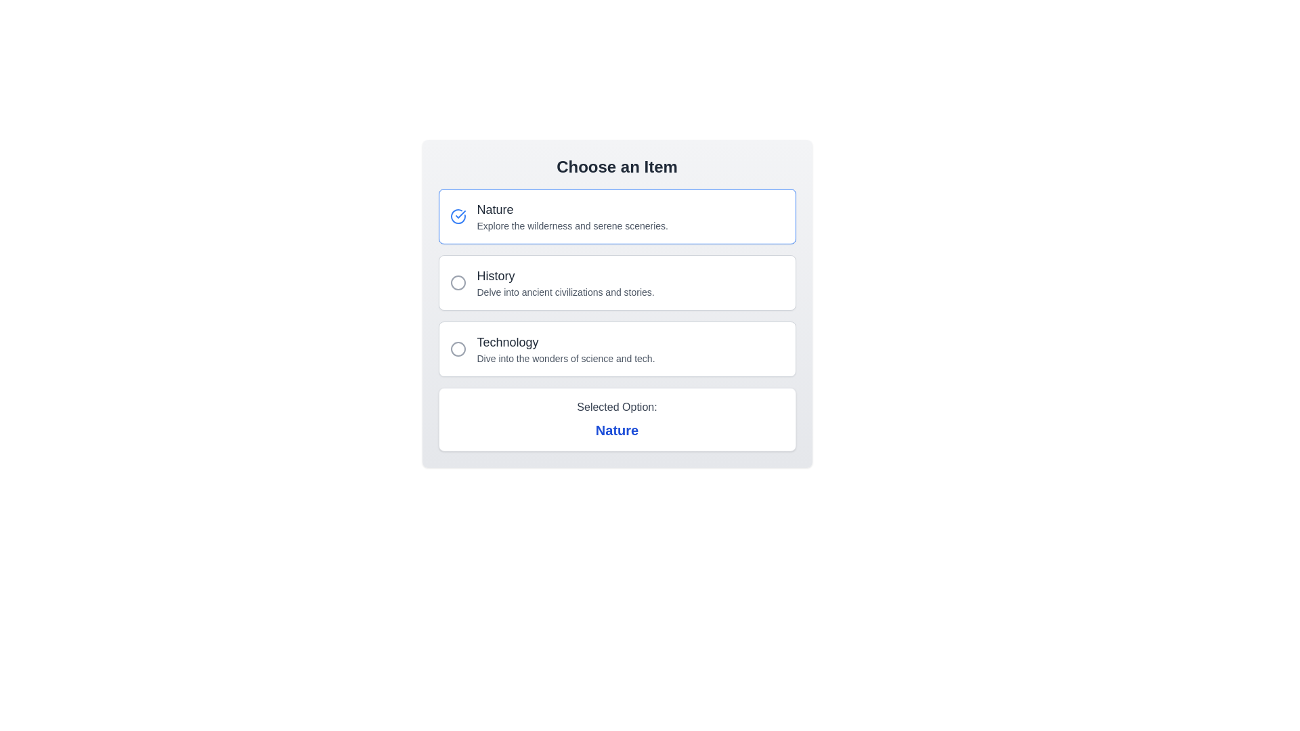 The height and width of the screenshot is (731, 1300). Describe the element at coordinates (565, 292) in the screenshot. I see `the text label displaying 'Delve into ancient civilizations and stories.' which is styled in gray and located beneath the title 'History.'` at that location.